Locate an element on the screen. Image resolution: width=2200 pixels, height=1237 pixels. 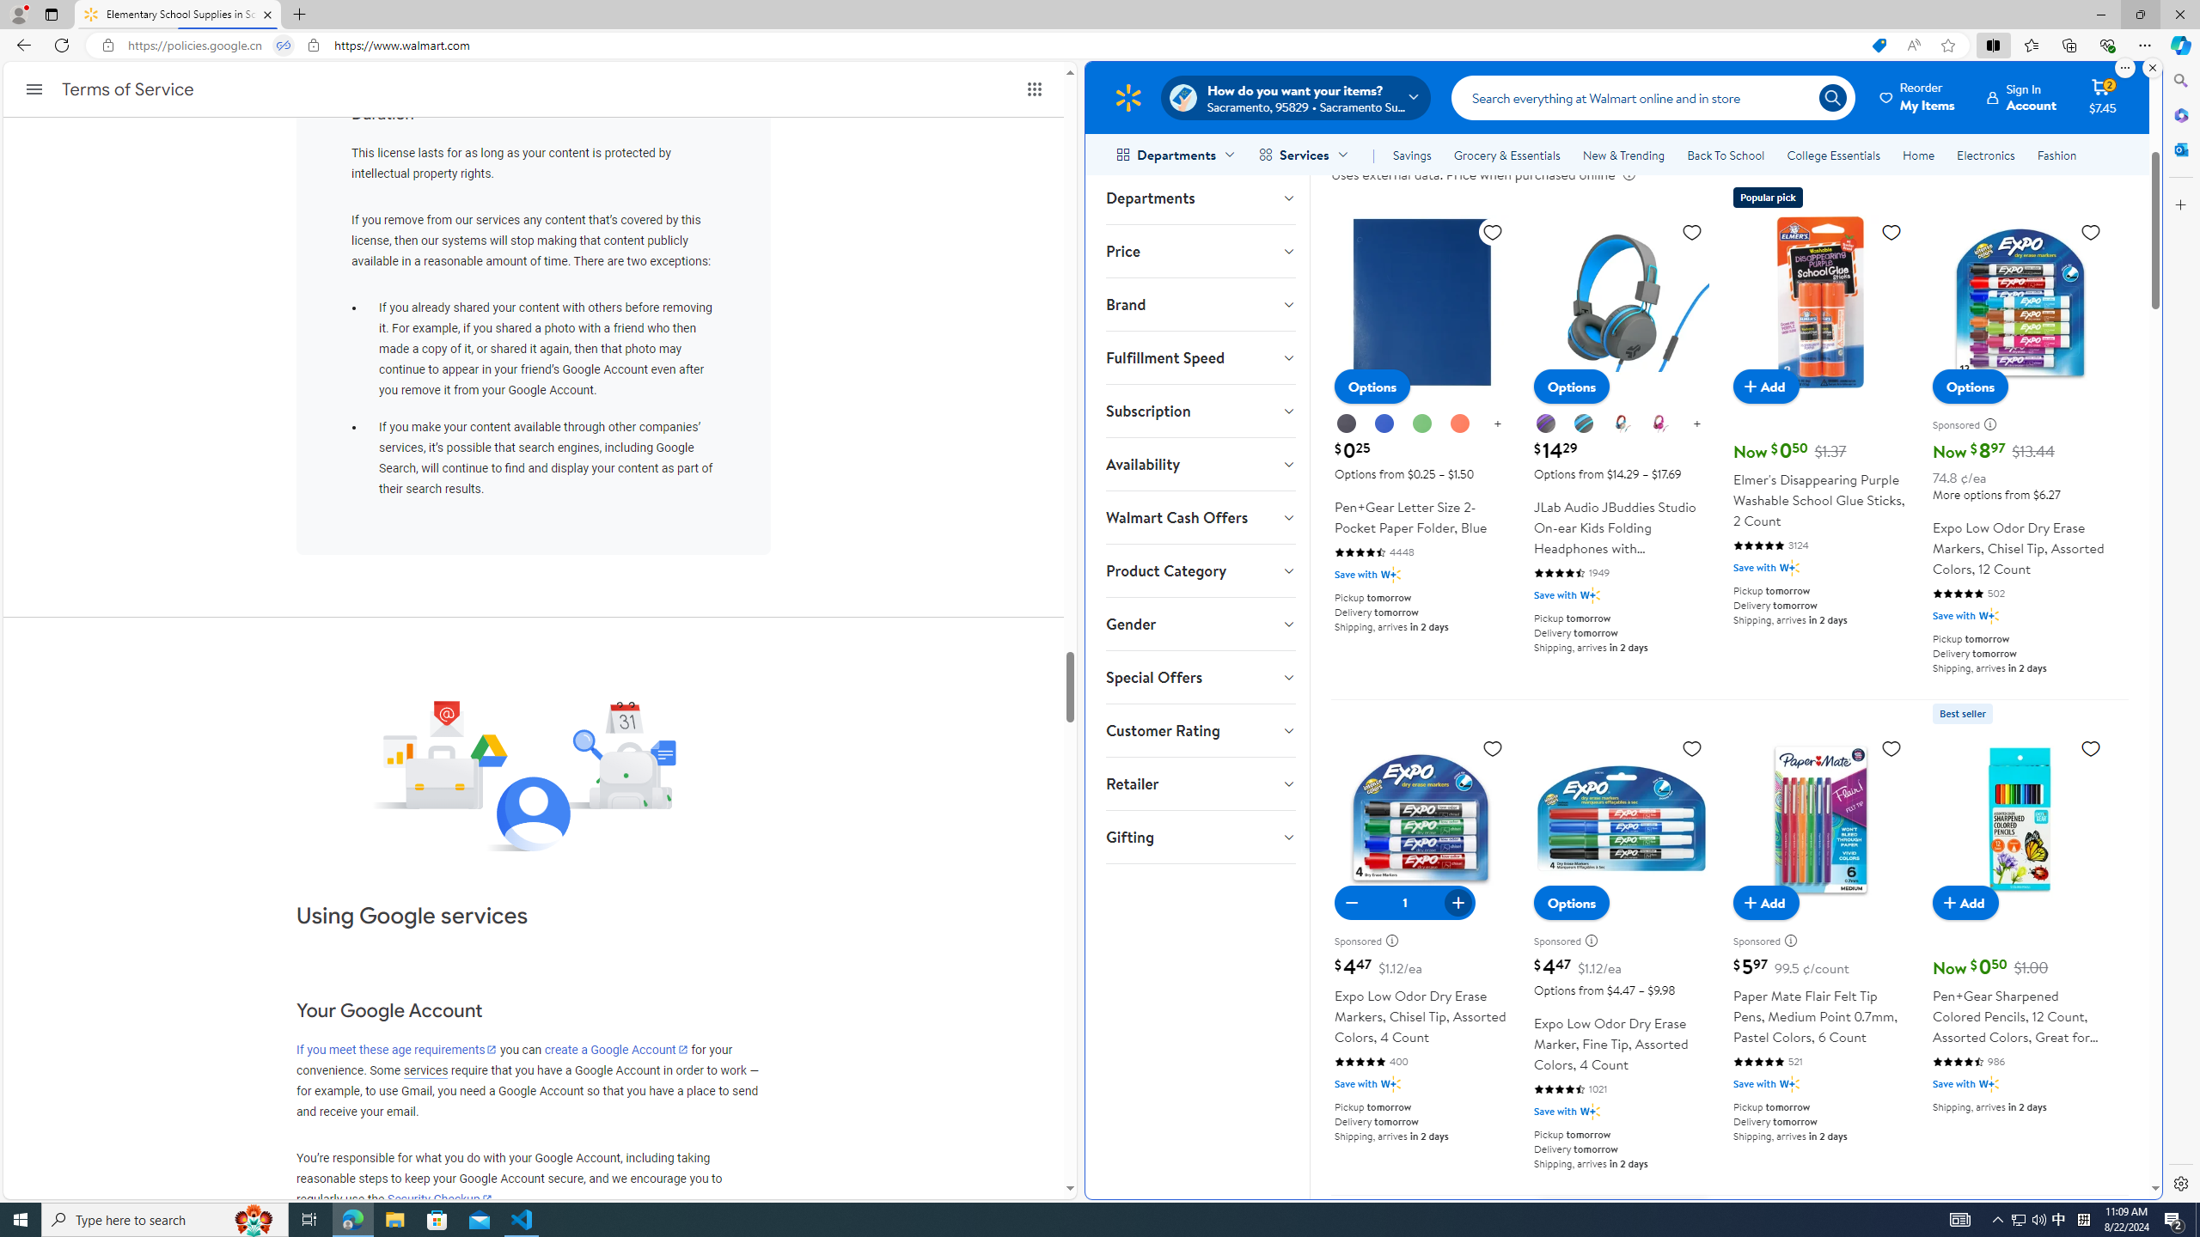
'Departments' is located at coordinates (1199, 197).